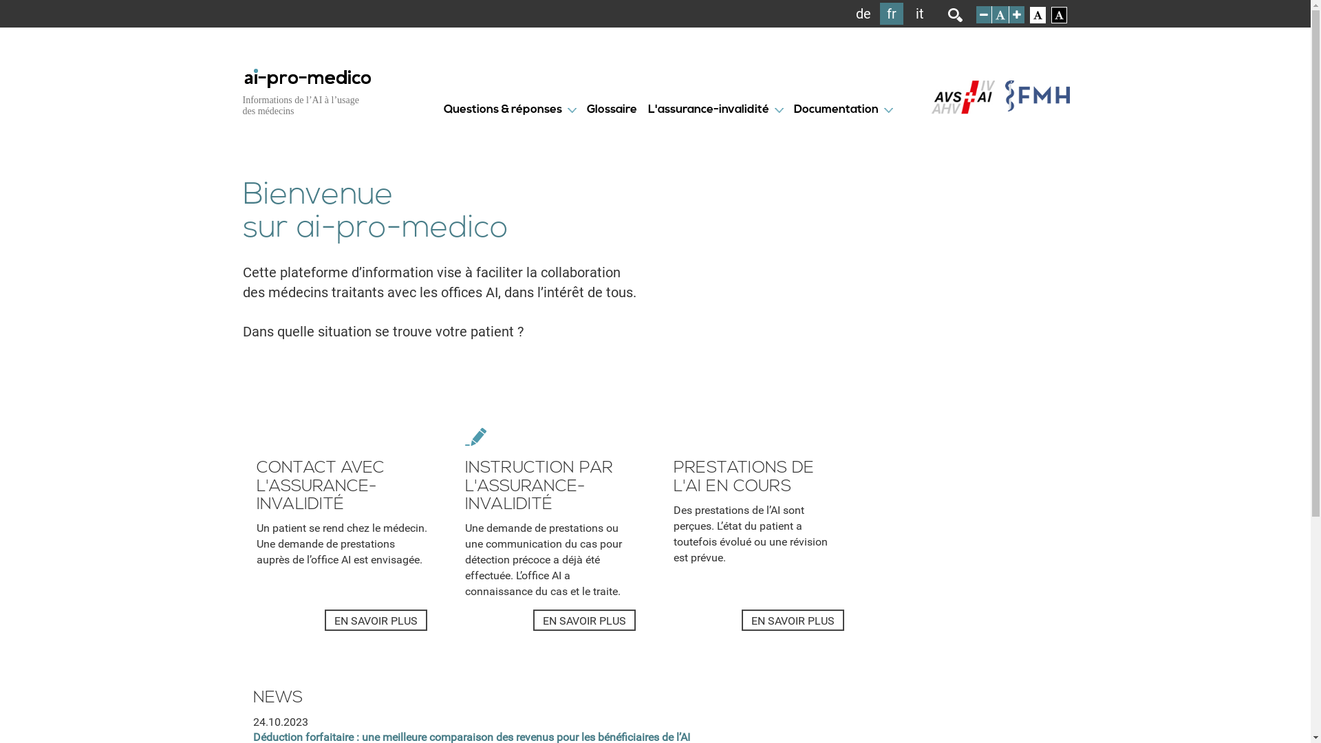 The height and width of the screenshot is (743, 1321). What do you see at coordinates (920, 13) in the screenshot?
I see `'it'` at bounding box center [920, 13].